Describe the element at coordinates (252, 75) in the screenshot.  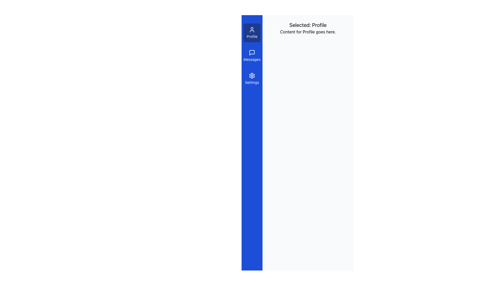
I see `the settings icon located in the navigation bar, which is the third item from the top` at that location.